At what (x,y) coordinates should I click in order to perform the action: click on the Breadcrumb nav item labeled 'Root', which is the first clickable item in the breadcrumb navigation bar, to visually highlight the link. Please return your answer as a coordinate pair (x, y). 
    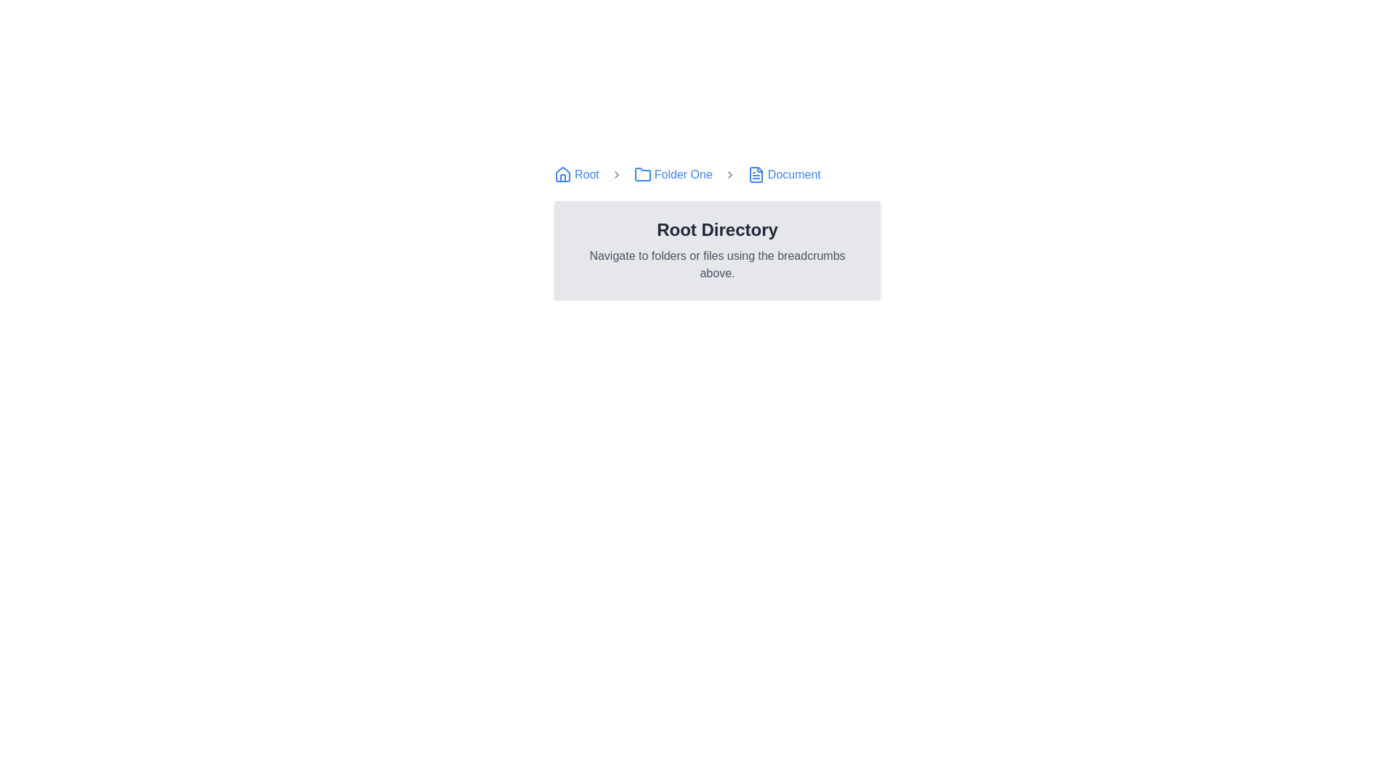
    Looking at the image, I should click on (575, 173).